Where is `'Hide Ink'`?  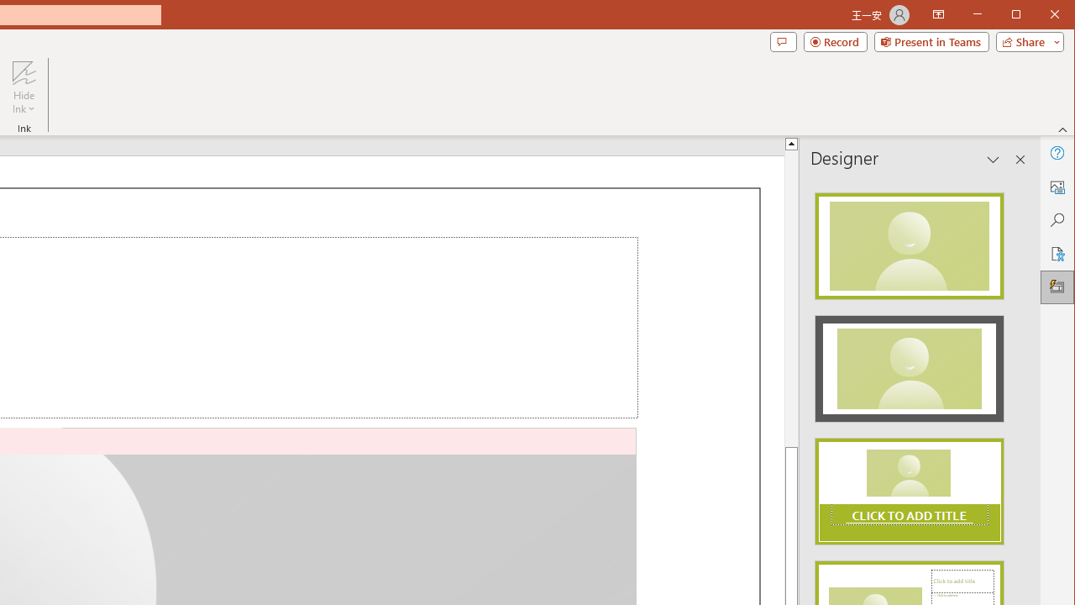 'Hide Ink' is located at coordinates (24, 71).